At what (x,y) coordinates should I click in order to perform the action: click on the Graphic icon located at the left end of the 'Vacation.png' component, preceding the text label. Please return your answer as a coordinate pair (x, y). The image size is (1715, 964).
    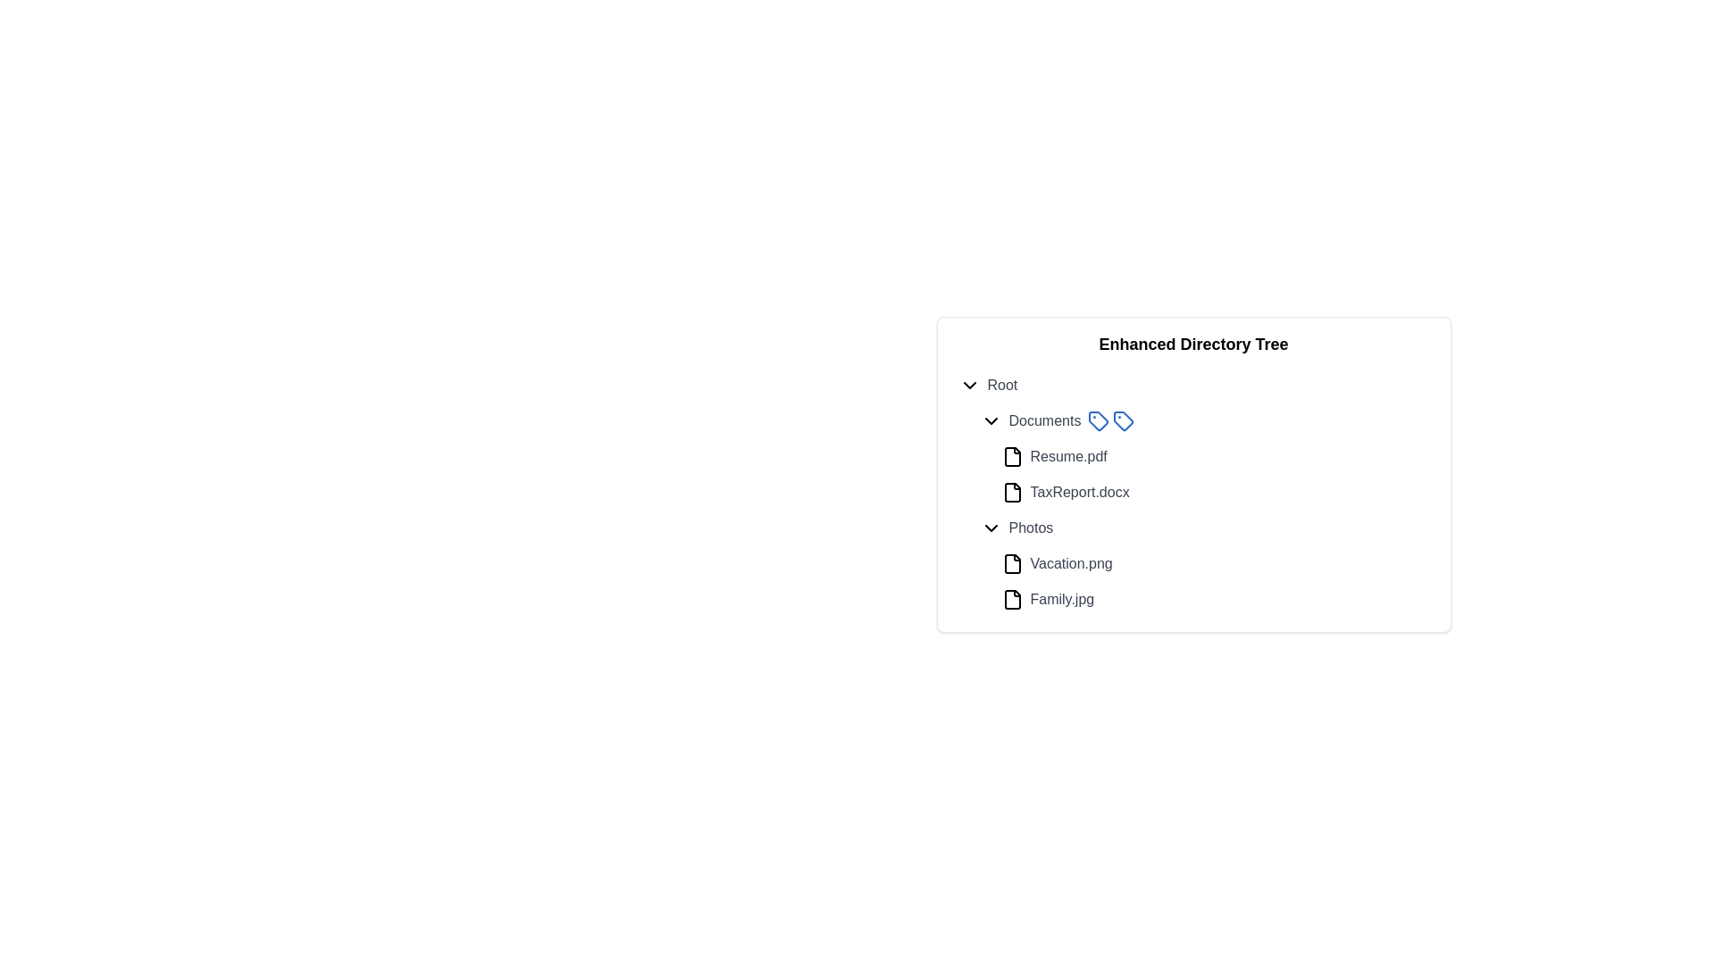
    Looking at the image, I should click on (1012, 564).